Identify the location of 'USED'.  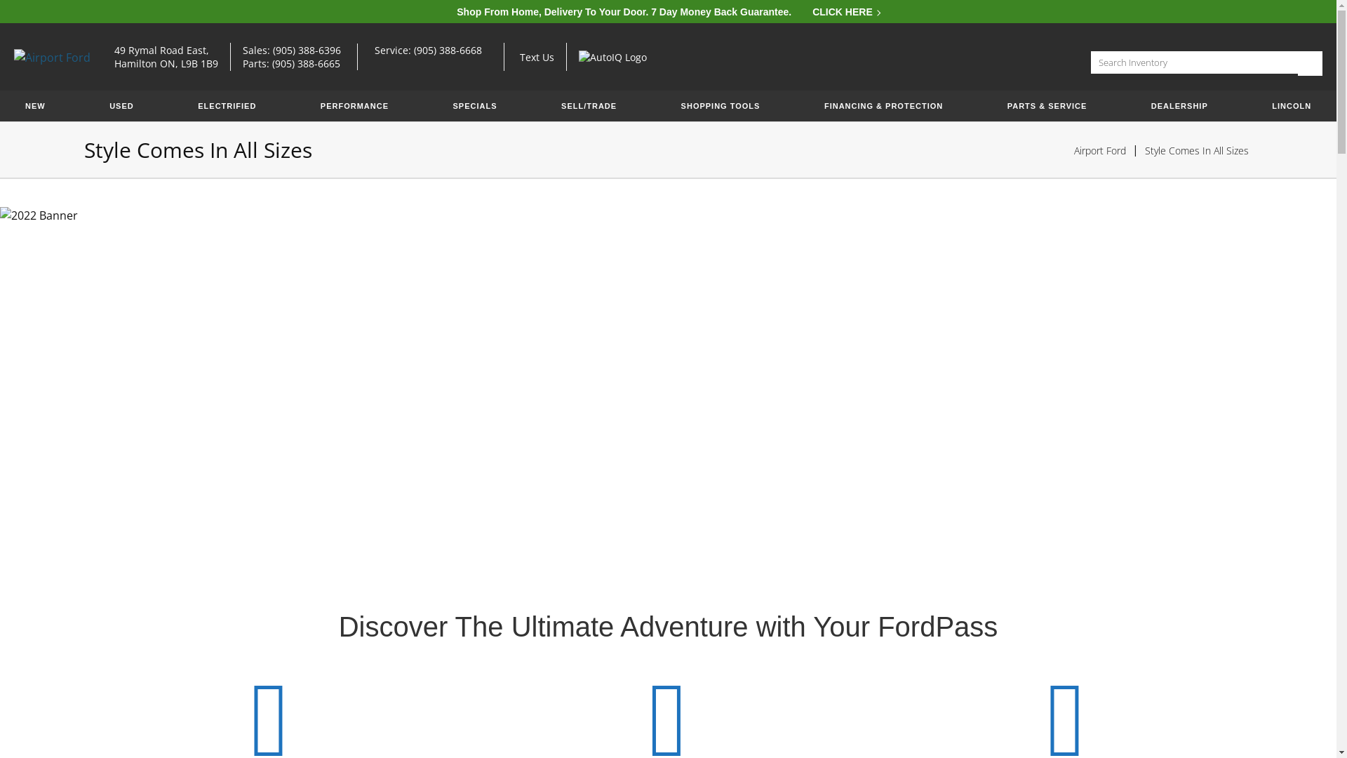
(121, 105).